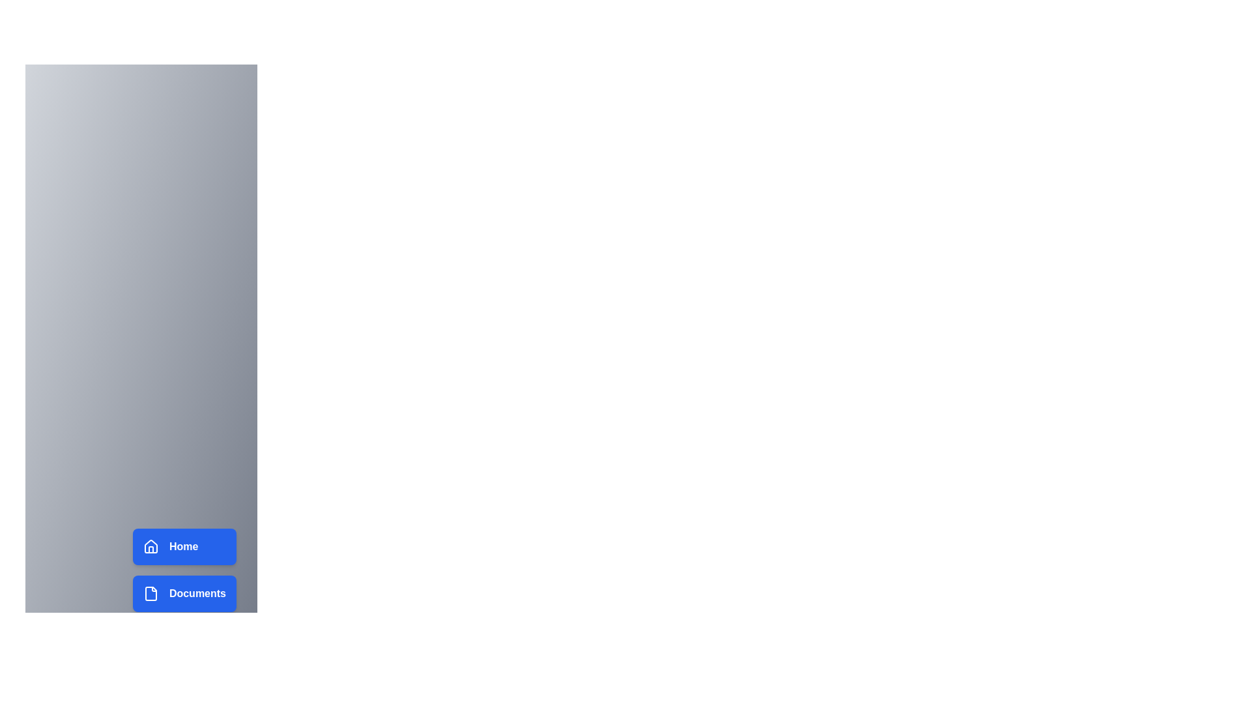  I want to click on the text label that describes the document-related button, located to the right of a document icon, so click(197, 593).